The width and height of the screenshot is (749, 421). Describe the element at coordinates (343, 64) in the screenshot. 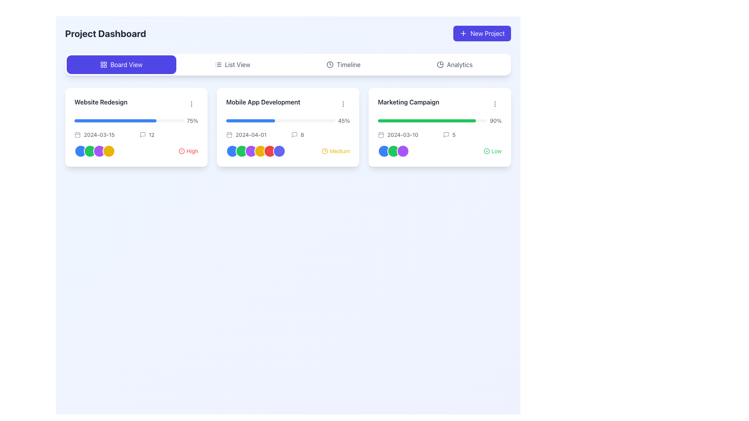

I see `the third button in a row of four options` at that location.